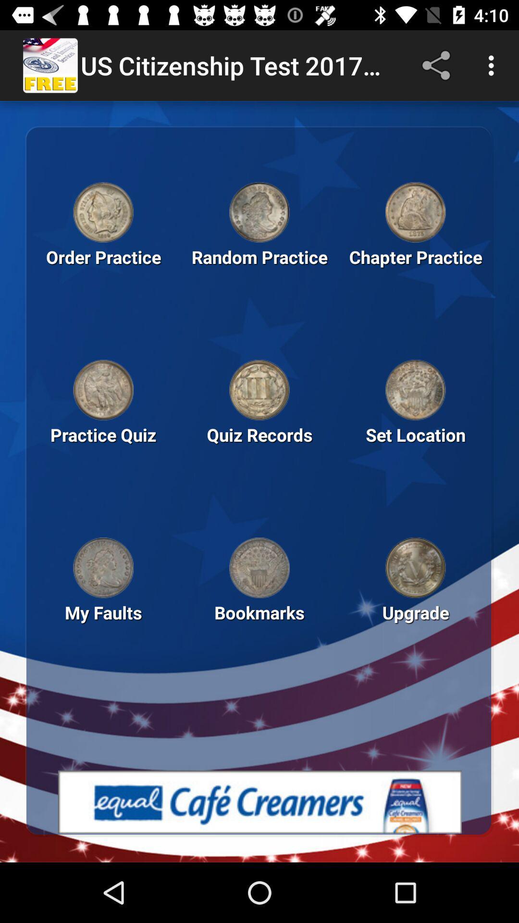  Describe the element at coordinates (259, 802) in the screenshot. I see `advertisement` at that location.